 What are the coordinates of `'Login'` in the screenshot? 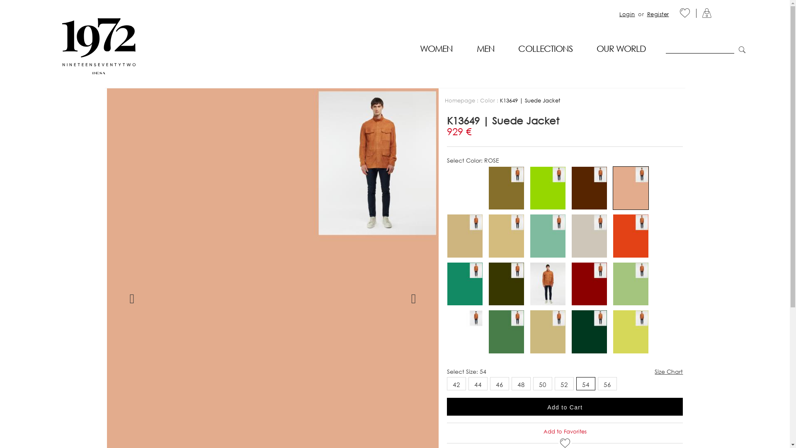 It's located at (627, 14).